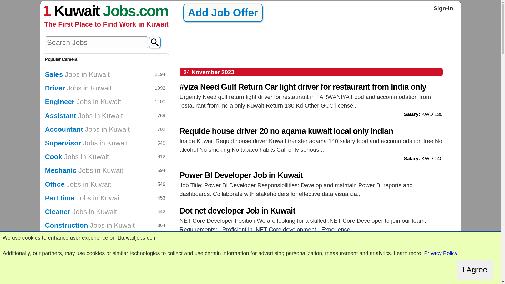 The width and height of the screenshot is (505, 284). I want to click on 'Kuwait Jobs', so click(95, 11).